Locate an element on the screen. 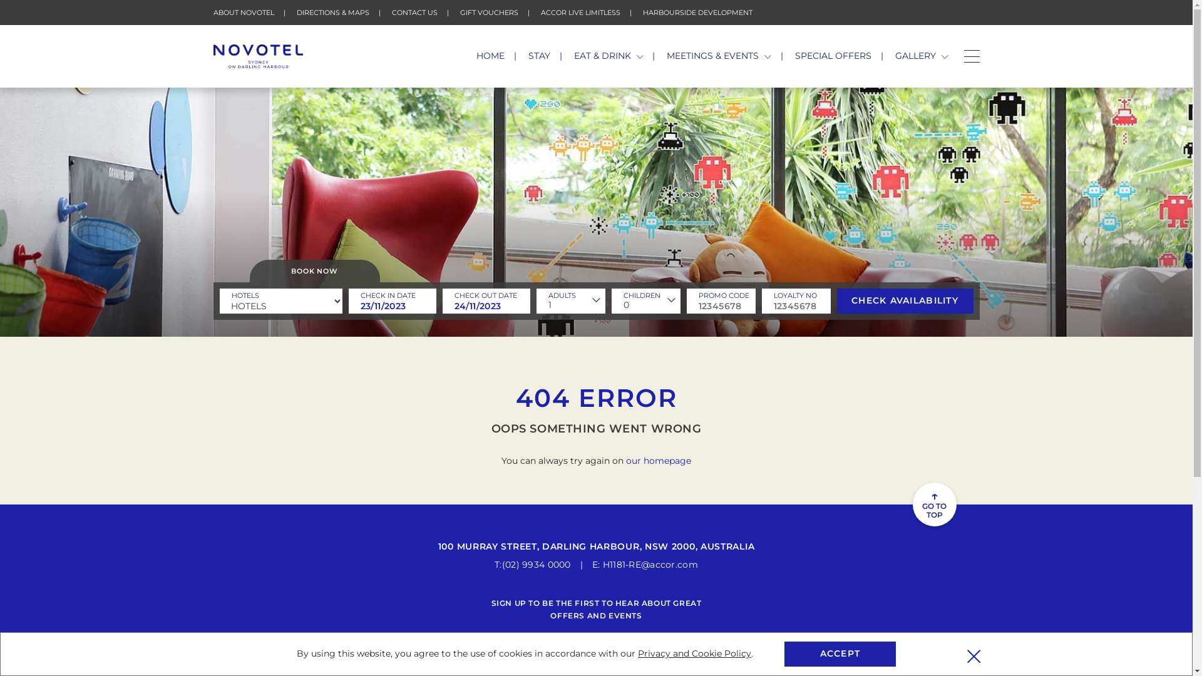  'CHECK AVAILABILITY' is located at coordinates (904, 301).